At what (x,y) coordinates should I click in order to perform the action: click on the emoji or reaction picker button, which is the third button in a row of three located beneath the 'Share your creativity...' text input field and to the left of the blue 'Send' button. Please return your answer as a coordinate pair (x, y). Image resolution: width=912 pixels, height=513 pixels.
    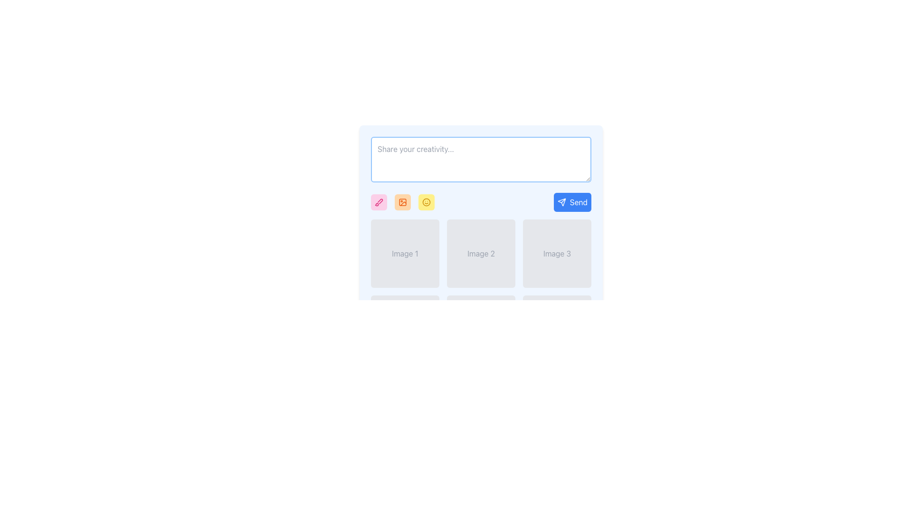
    Looking at the image, I should click on (426, 201).